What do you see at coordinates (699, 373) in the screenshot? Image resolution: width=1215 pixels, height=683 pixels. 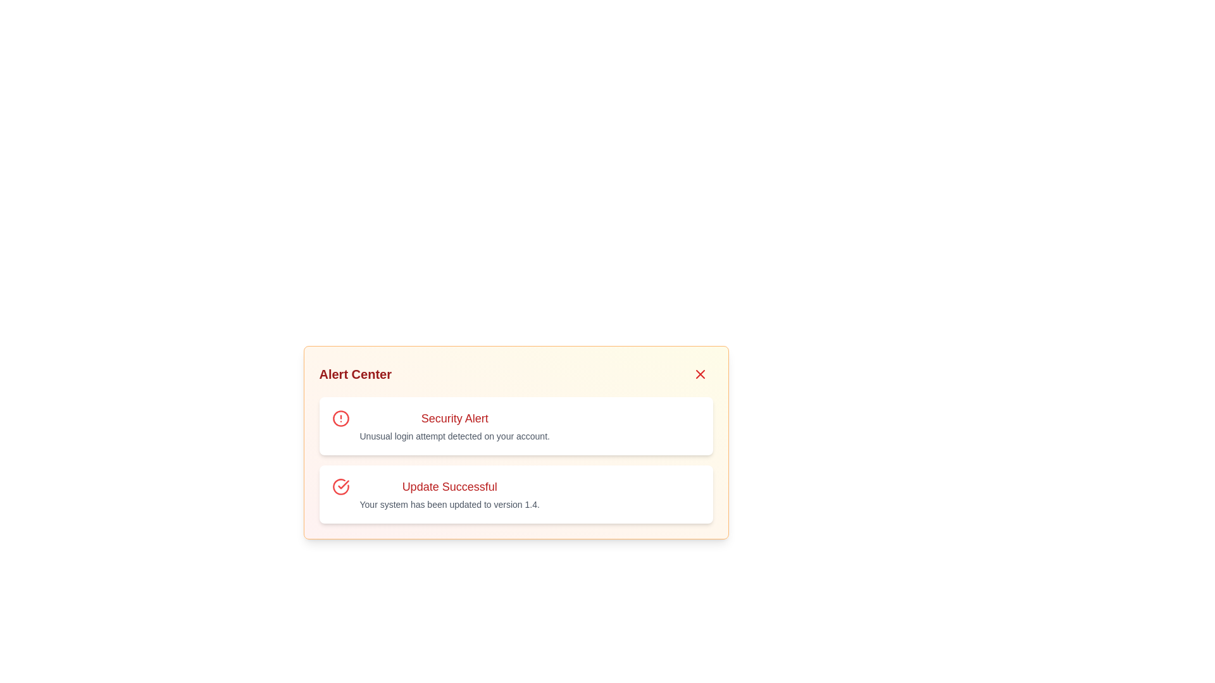 I see `the close button located at the top-right corner of the 'Alert Center' UI module` at bounding box center [699, 373].